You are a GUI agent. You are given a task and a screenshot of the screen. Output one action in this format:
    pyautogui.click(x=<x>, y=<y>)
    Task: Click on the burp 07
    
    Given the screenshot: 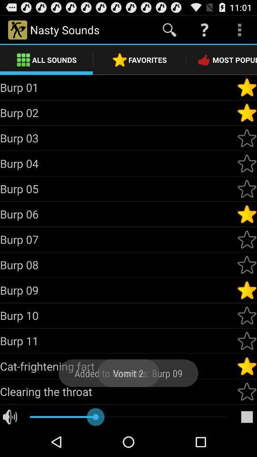 What is the action you would take?
    pyautogui.click(x=118, y=239)
    